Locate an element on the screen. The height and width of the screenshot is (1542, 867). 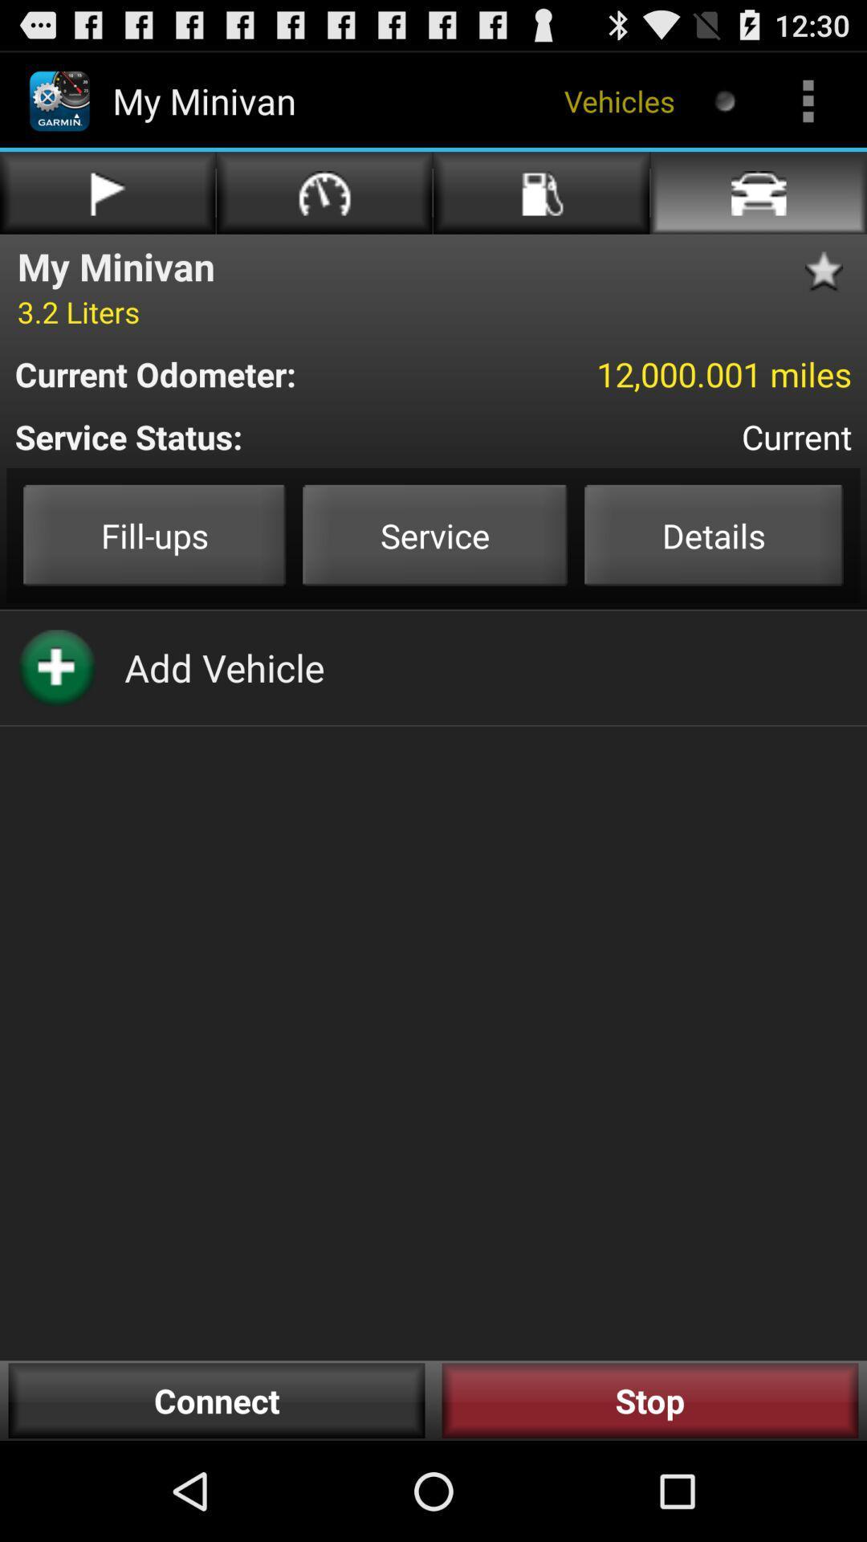
icon above the 12 000 001 is located at coordinates (829, 271).